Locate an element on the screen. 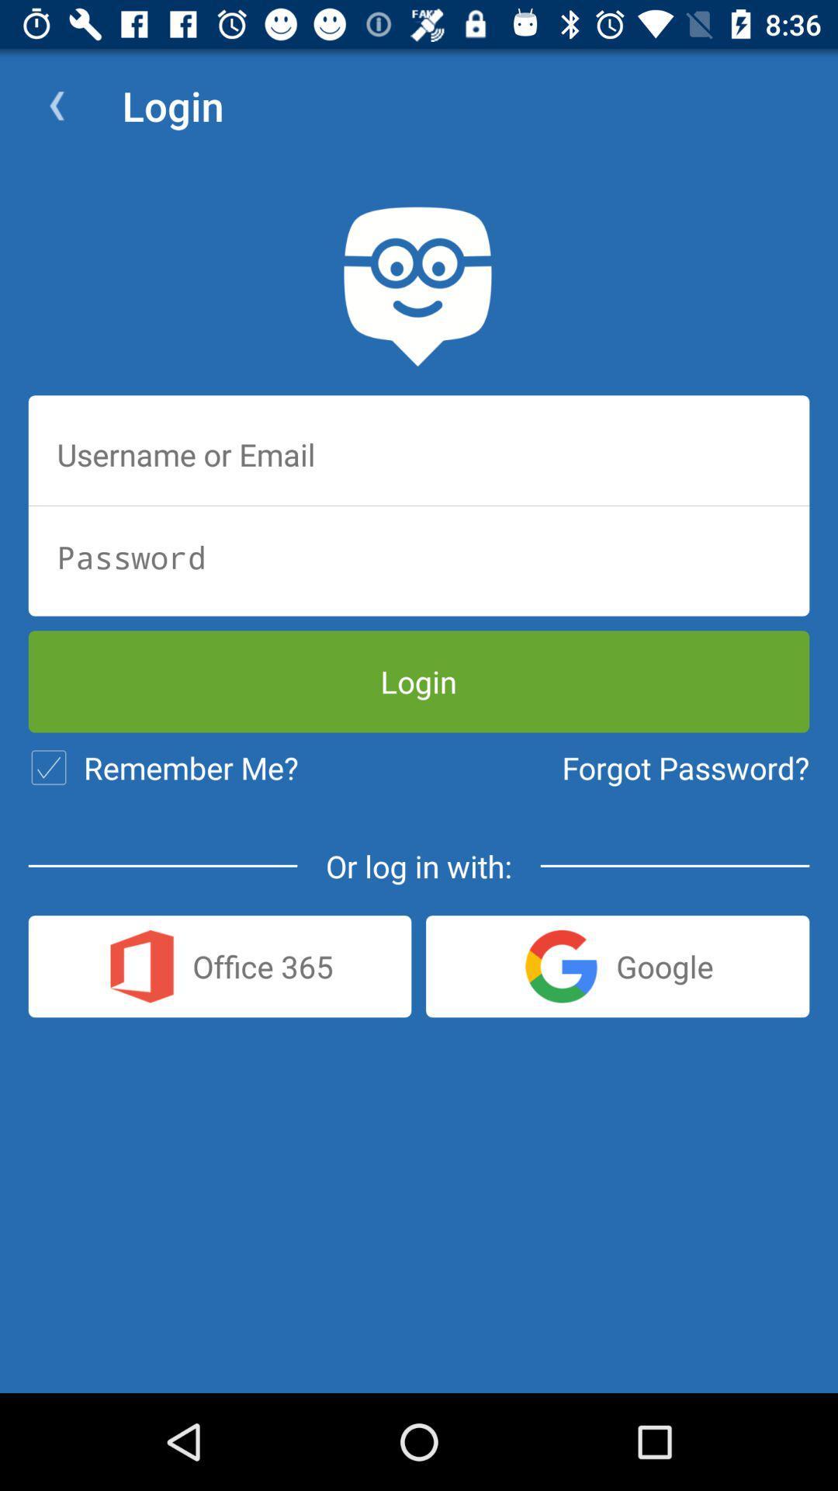 The width and height of the screenshot is (838, 1491). insert email is located at coordinates (419, 454).